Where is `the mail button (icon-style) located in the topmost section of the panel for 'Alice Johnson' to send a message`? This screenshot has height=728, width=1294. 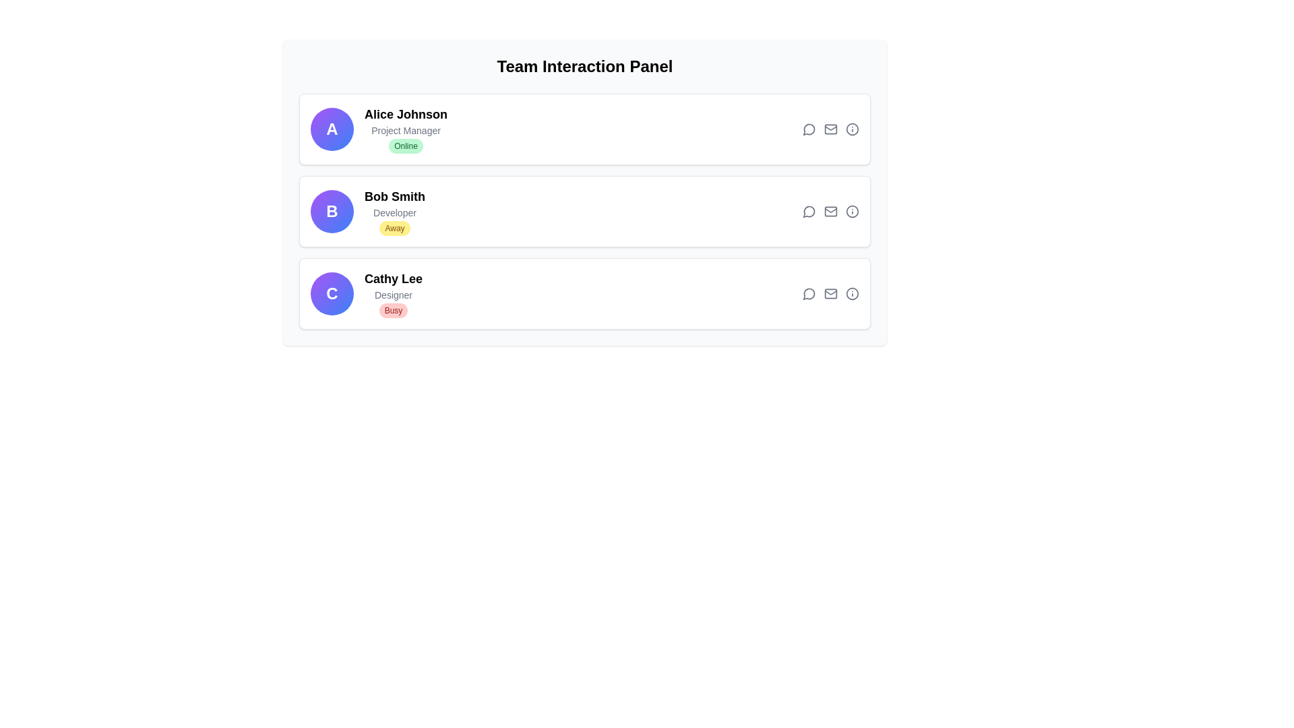
the mail button (icon-style) located in the topmost section of the panel for 'Alice Johnson' to send a message is located at coordinates (830, 129).